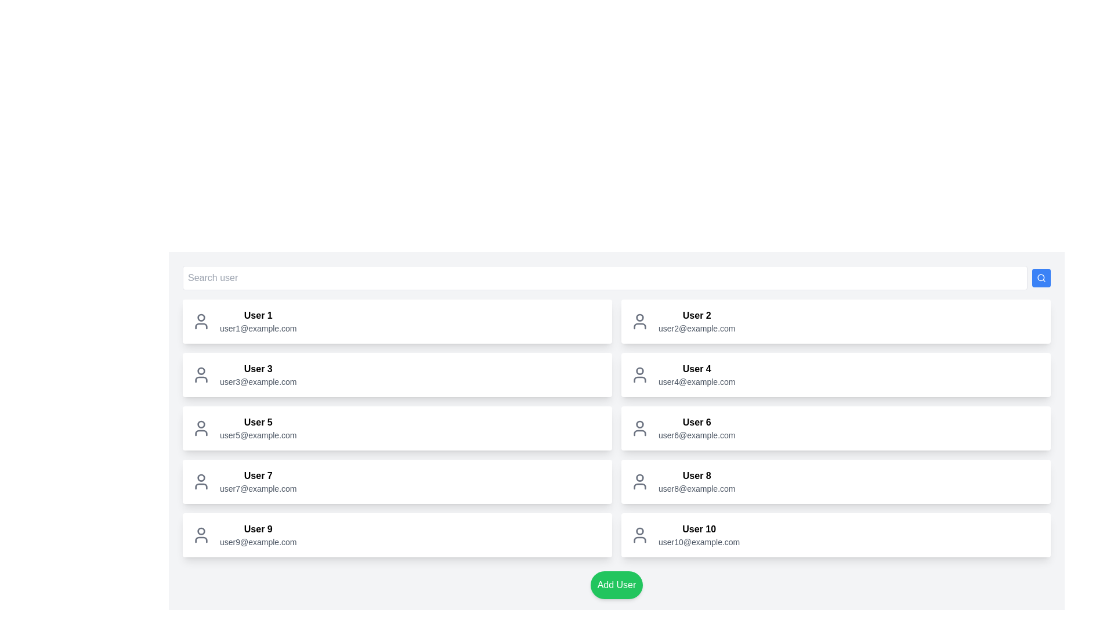 The image size is (1114, 627). Describe the element at coordinates (1041, 278) in the screenshot. I see `the blue search button with a magnifying glass icon, located` at that location.